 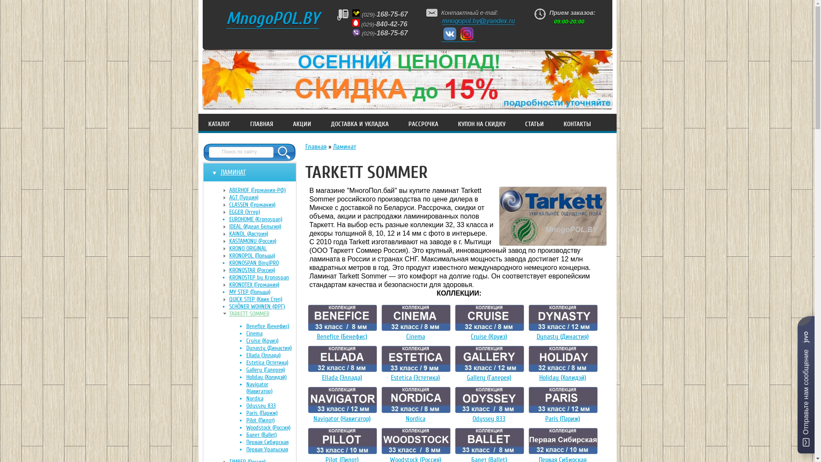 What do you see at coordinates (229, 219) in the screenshot?
I see `'EUROHOME (Kronospan)'` at bounding box center [229, 219].